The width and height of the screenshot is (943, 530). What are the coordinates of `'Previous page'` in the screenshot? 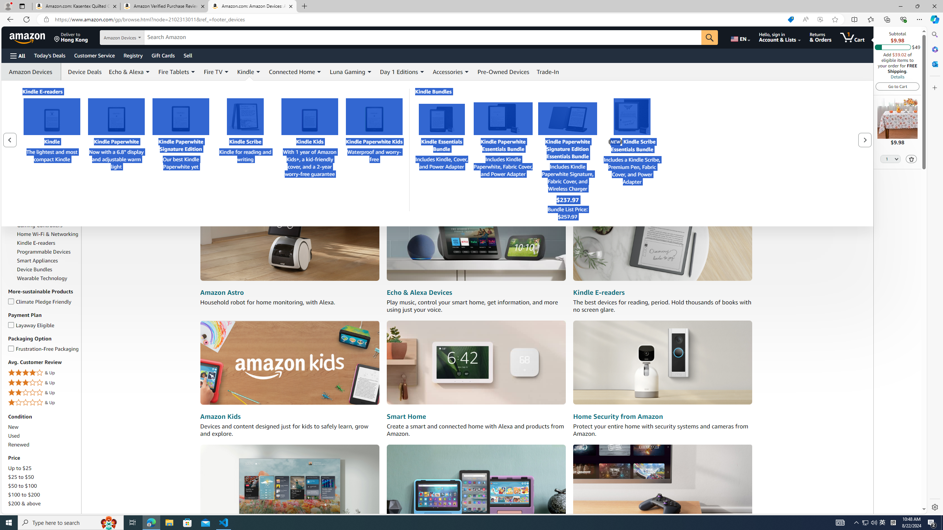 It's located at (10, 139).